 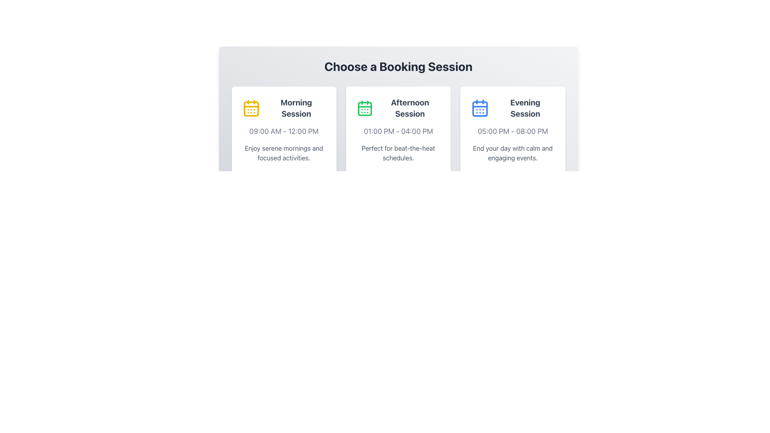 I want to click on text displayed in the gray font on the Text label that shows '09:00 AM - 12:00 PM', located centrally in the first booking session card under the 'Morning Session' heading, so click(x=284, y=131).